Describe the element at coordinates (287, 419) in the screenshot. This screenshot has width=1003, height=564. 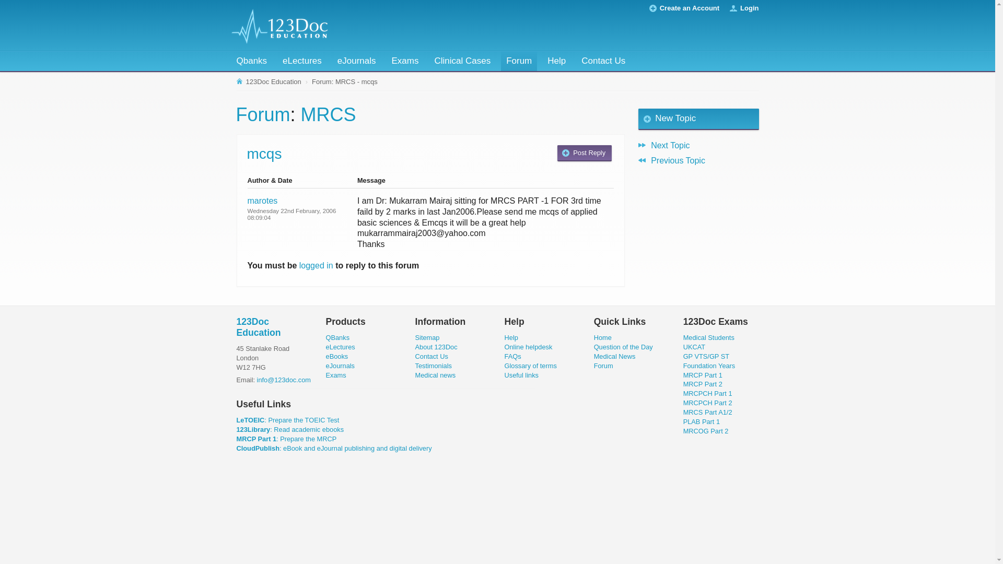
I see `'LeTOEIC: Prepare the TOEIC Test'` at that location.